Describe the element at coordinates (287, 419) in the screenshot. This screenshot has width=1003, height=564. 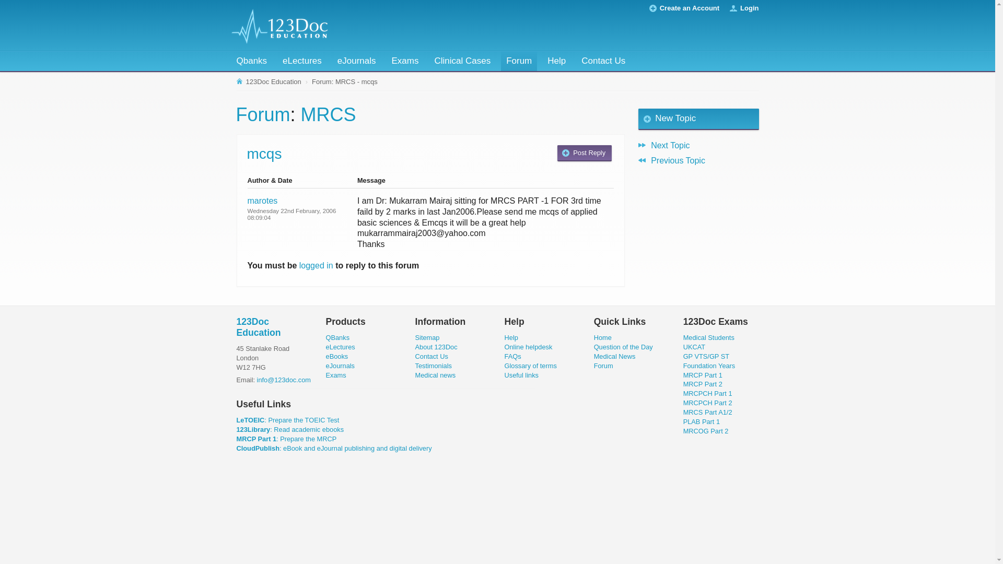
I see `'LeTOEIC: Prepare the TOEIC Test'` at that location.